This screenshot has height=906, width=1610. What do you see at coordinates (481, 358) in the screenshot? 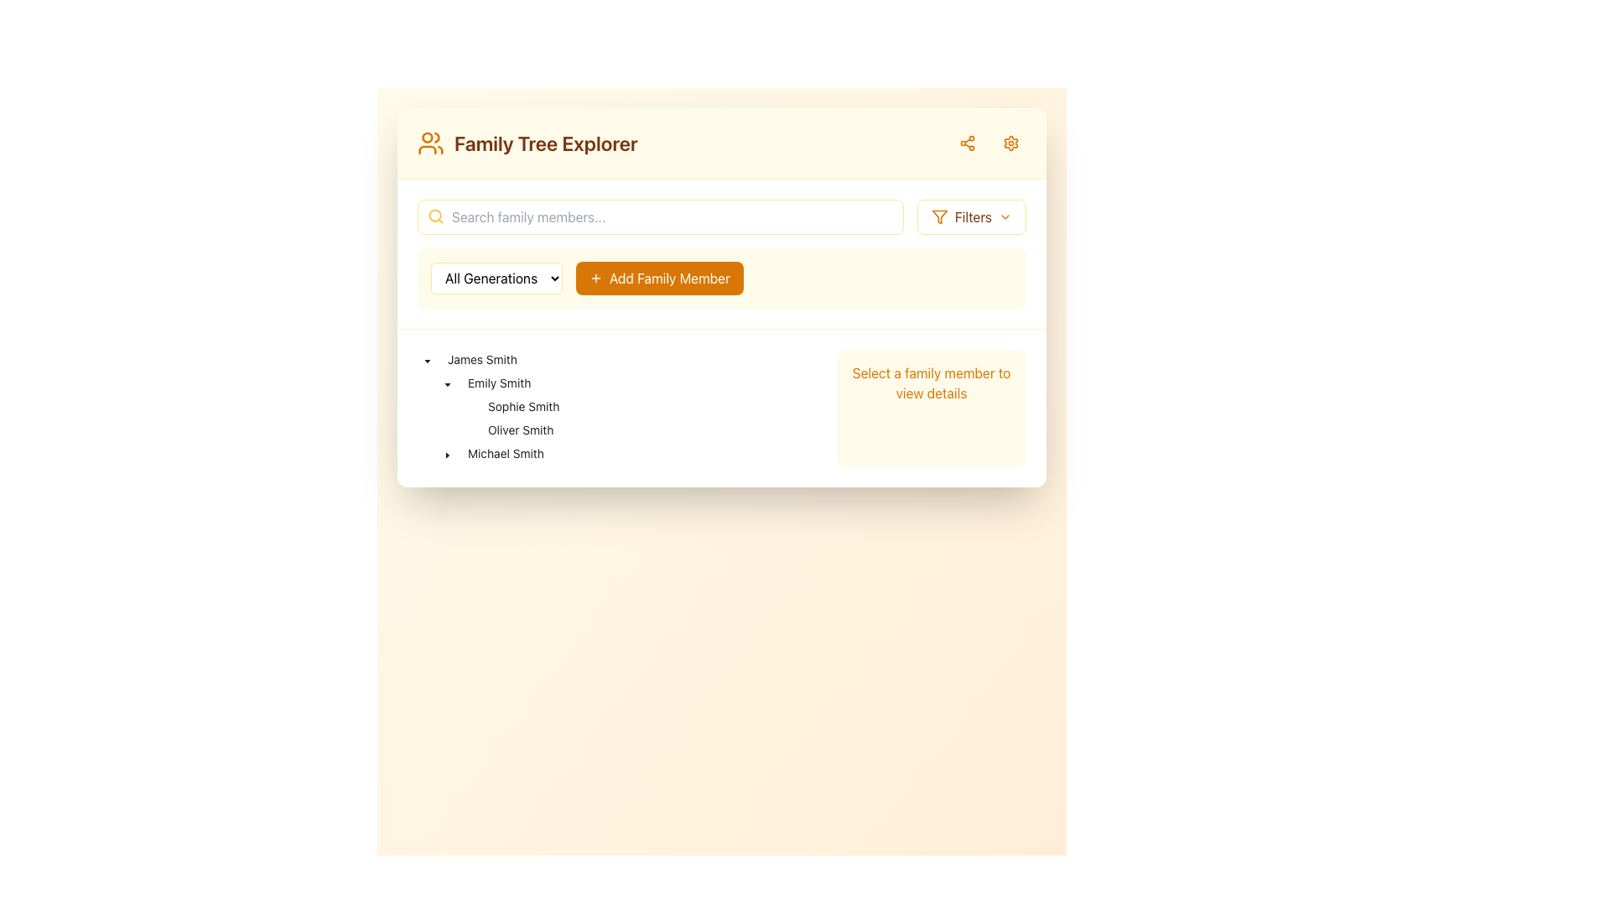
I see `the Tree node representing 'James Smith' in the Family Tree Explorer` at bounding box center [481, 358].